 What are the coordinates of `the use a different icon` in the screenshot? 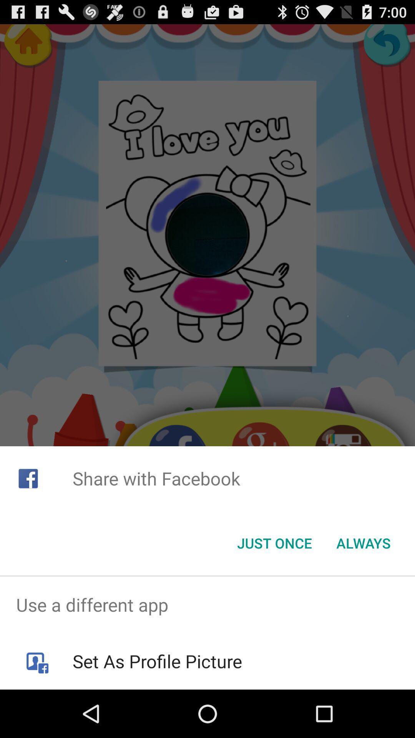 It's located at (207, 604).